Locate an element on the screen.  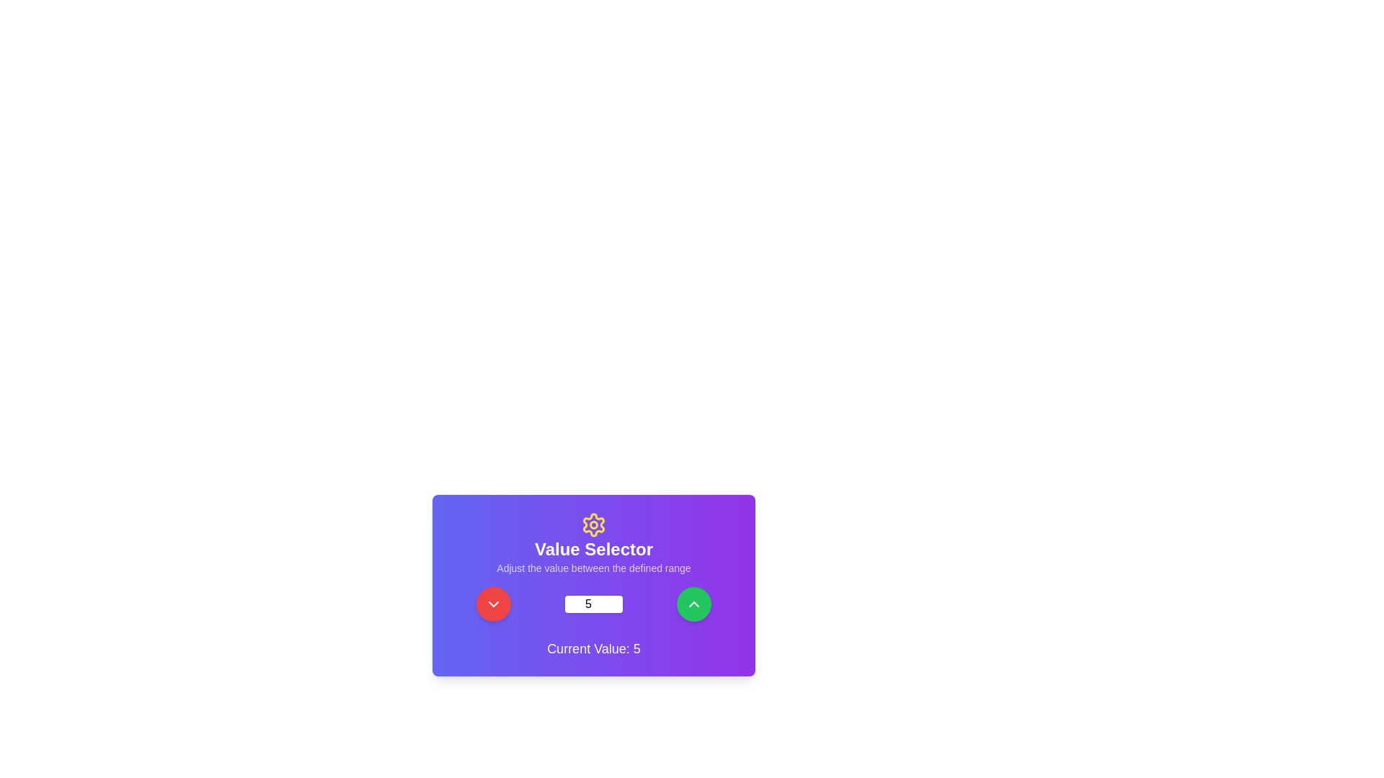
the static text display showing the current numerical value next to the label 'Current Value:' in the lower section of the purple panel is located at coordinates (636, 649).